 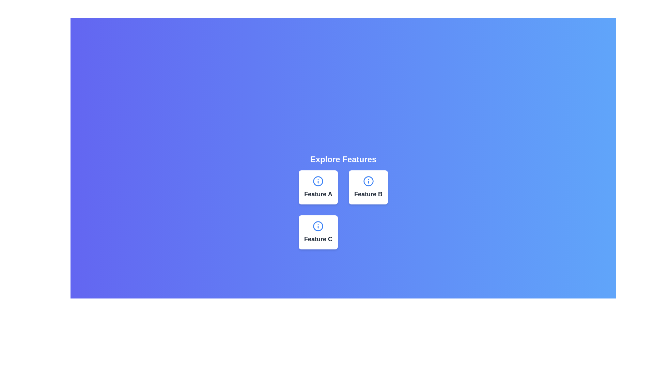 I want to click on the bold text label 'Feature C' displayed in a large font at the bottom of the third card in a vertical arrangement, so click(x=318, y=239).